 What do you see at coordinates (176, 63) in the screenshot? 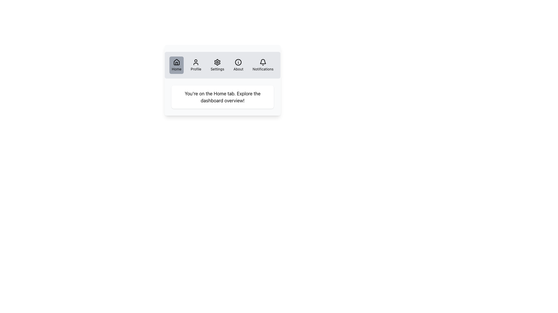
I see `the rectangular door section of the house-shaped icon in the navigation menu, which is located at the leftmost section of the top navigation bar, above the label 'Home'` at bounding box center [176, 63].